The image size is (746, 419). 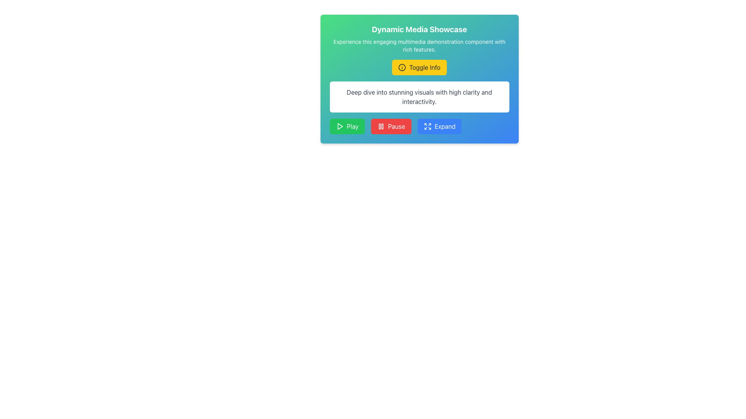 What do you see at coordinates (419, 97) in the screenshot?
I see `the informational text box that contains the message 'Deep dive into stunning visuals with high clarity and interactivity.' located below the 'Toggle Info' button and above the group of buttons labeled 'Play', 'Pause', and 'Expand'` at bounding box center [419, 97].